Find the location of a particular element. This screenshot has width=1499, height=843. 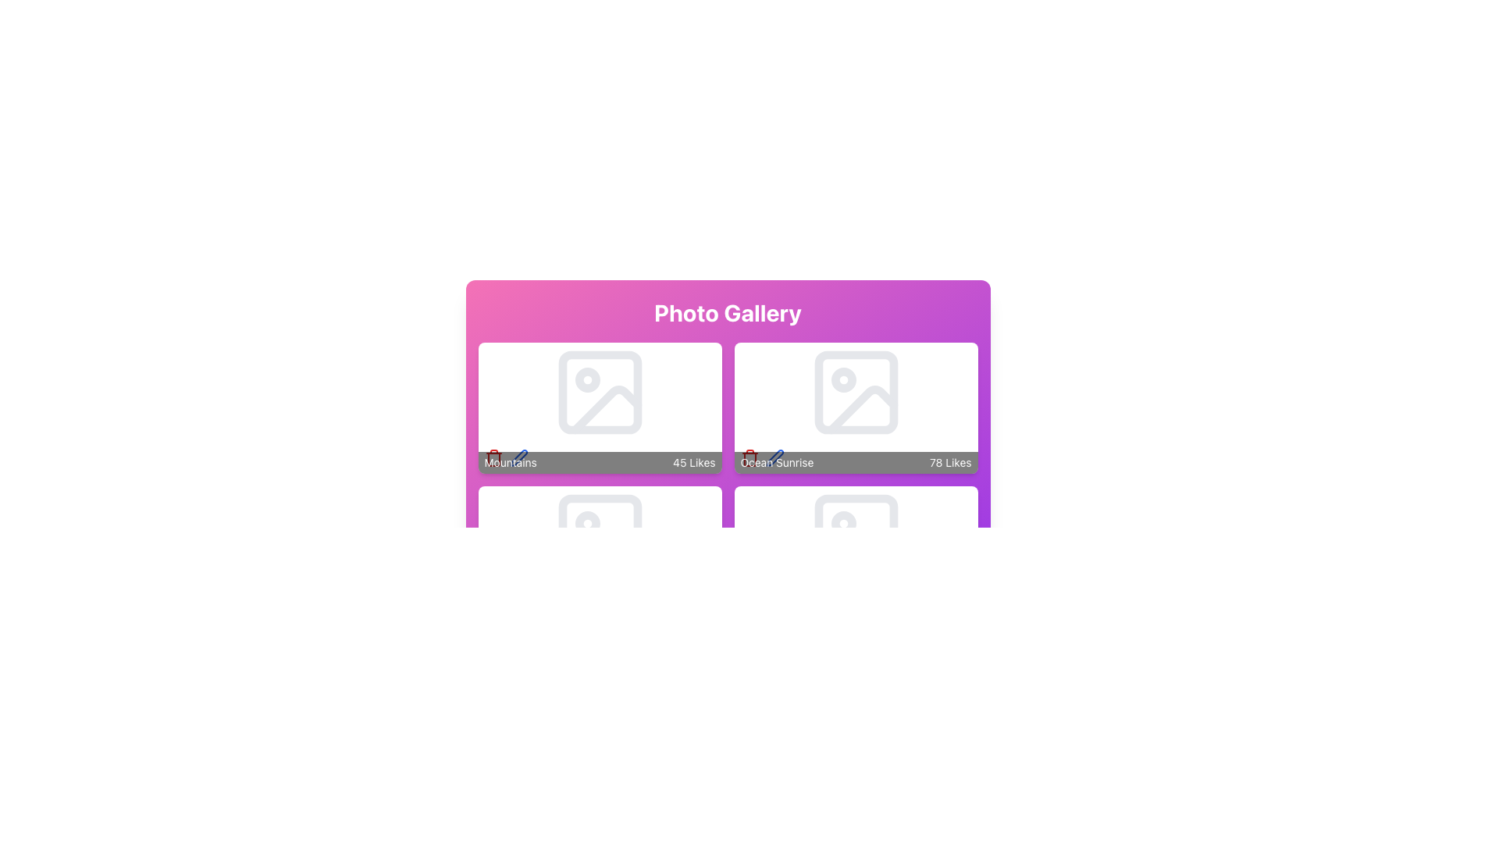

the trash can icon element, which is located below the top opening and above the base of the icon, centered horizontally within the icon is located at coordinates (493, 459).